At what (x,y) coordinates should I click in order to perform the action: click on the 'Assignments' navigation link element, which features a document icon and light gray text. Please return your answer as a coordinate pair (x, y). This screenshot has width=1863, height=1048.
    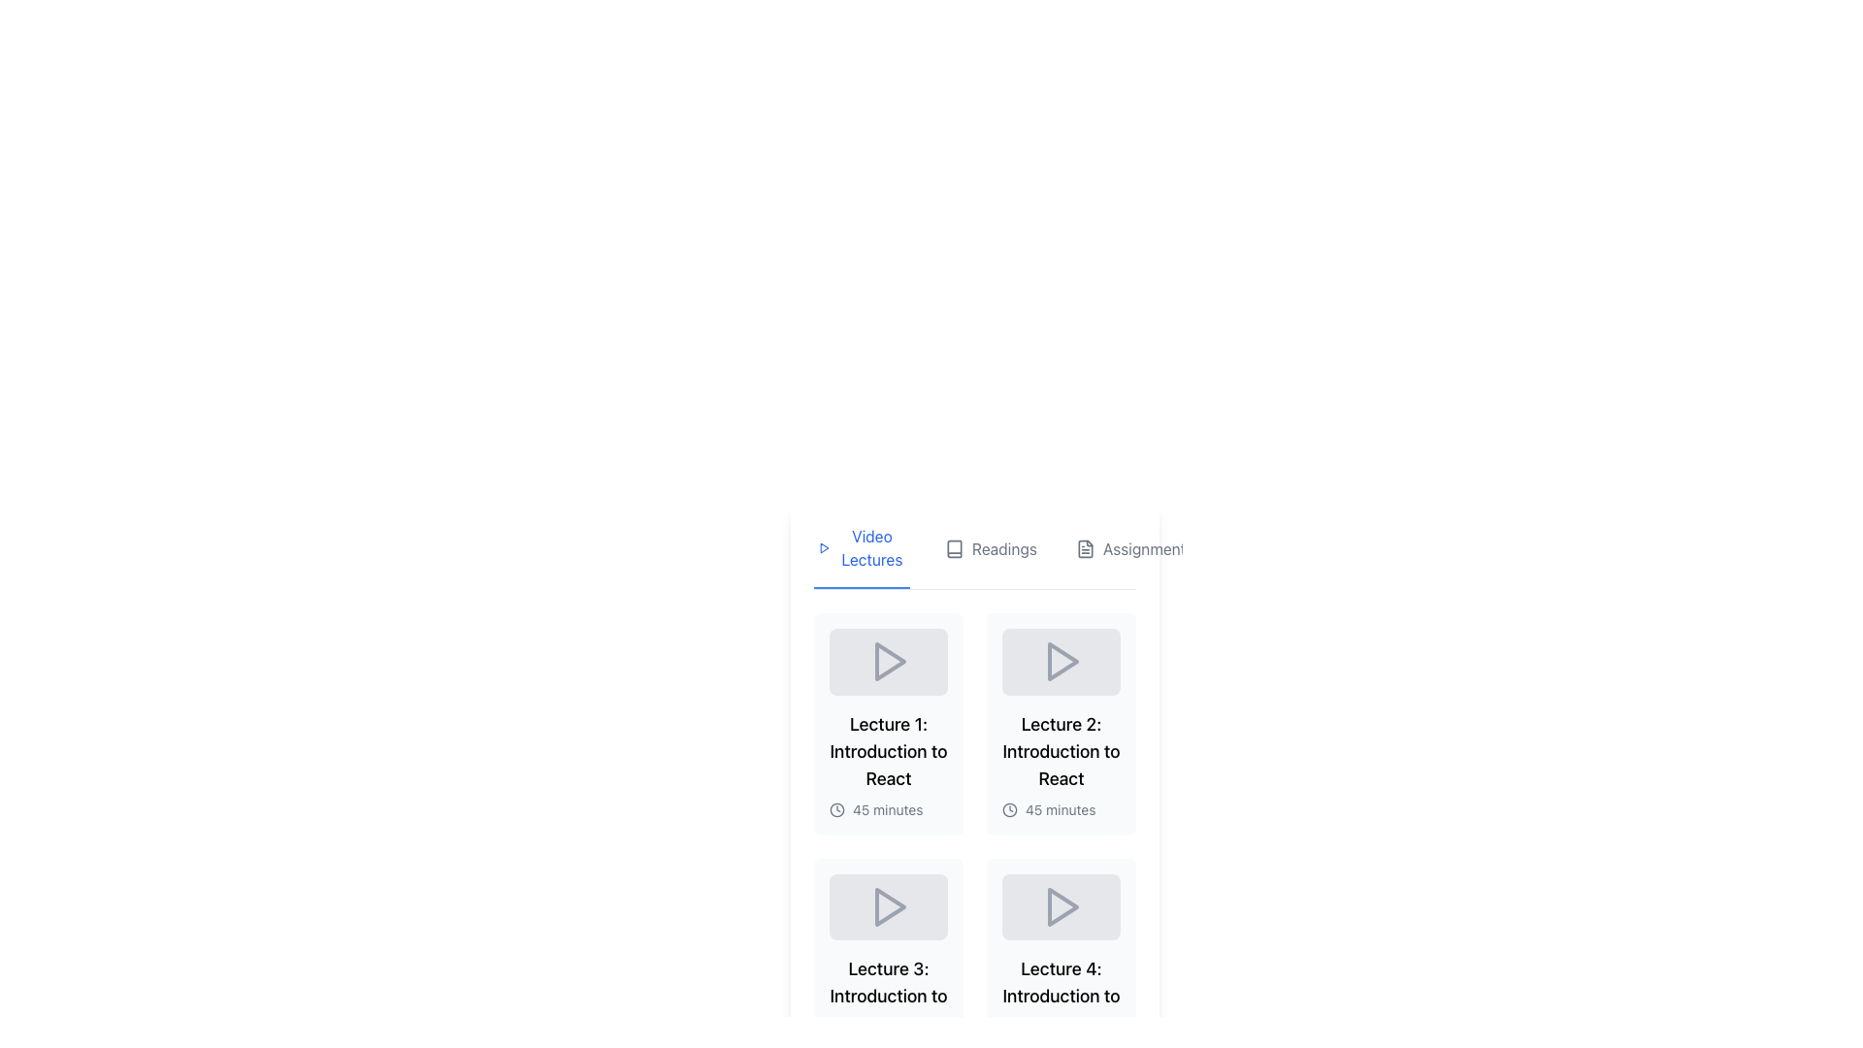
    Looking at the image, I should click on (1134, 557).